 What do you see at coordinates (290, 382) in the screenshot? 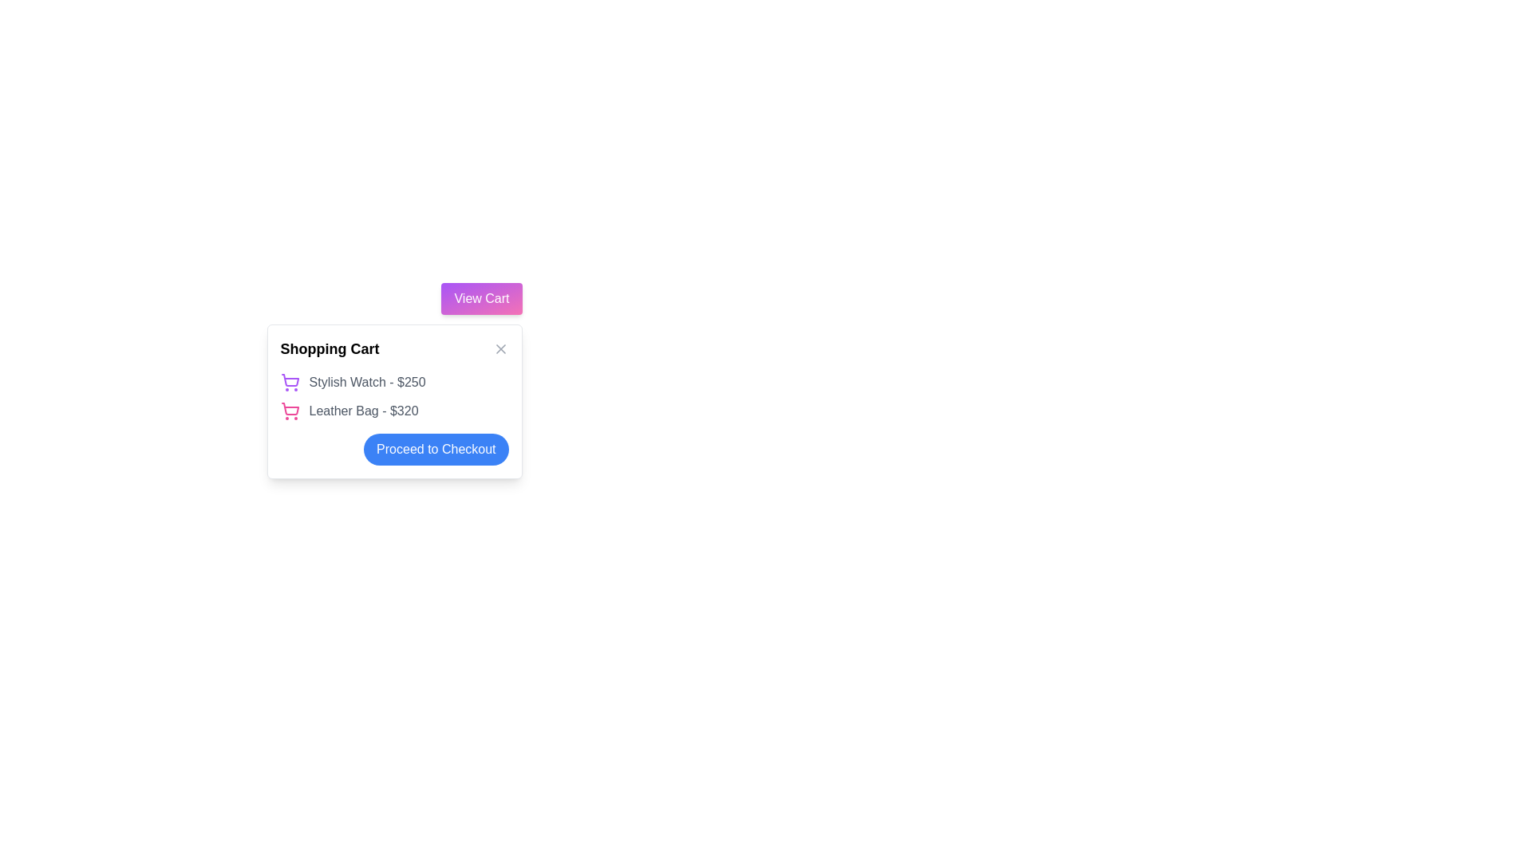
I see `the shopping cart icon located to the left of the text 'Stylish Watch - $250'` at bounding box center [290, 382].